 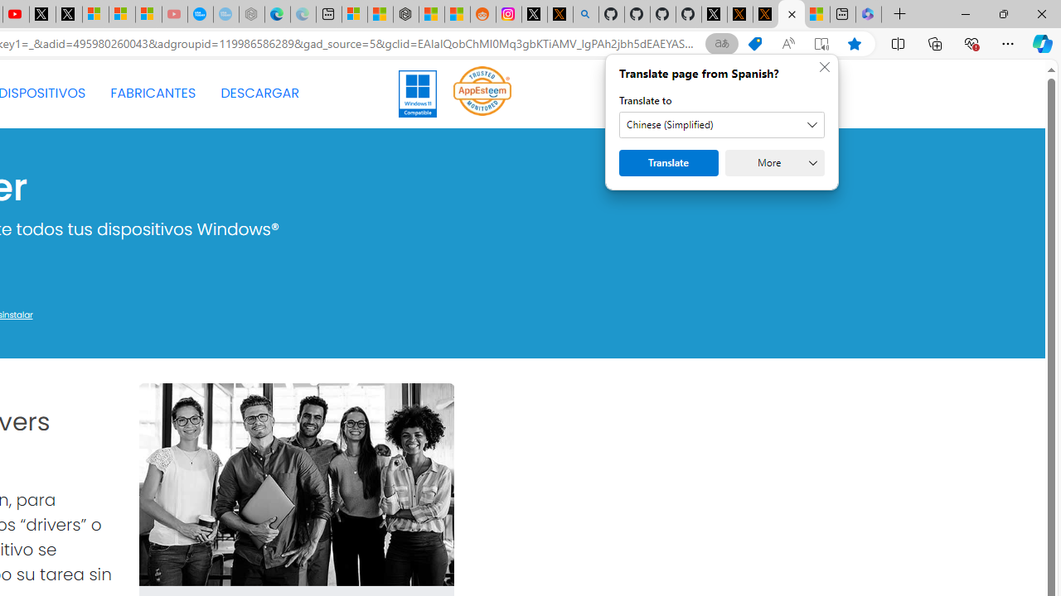 What do you see at coordinates (821, 43) in the screenshot?
I see `'Enter Immersive Reader (F9)'` at bounding box center [821, 43].